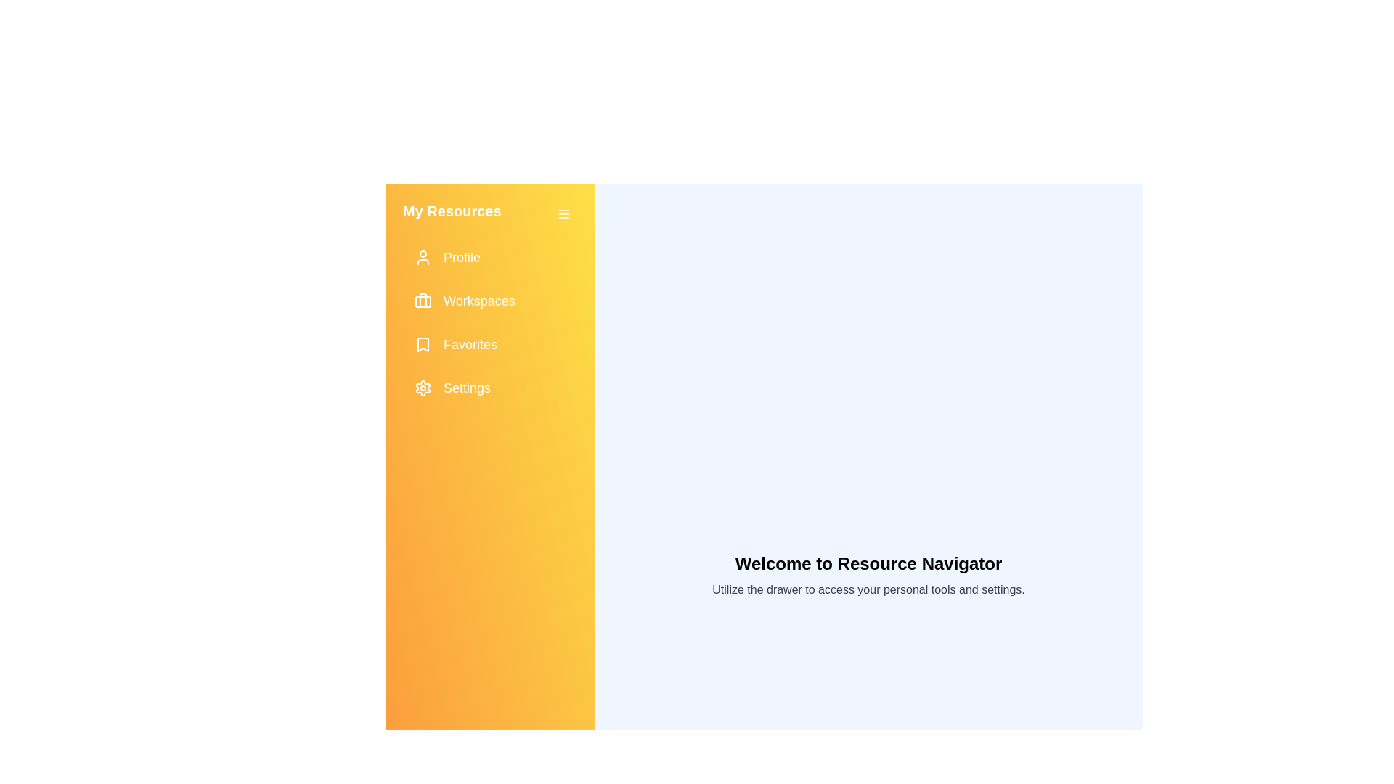 The width and height of the screenshot is (1394, 784). I want to click on the 'Favorites' button to navigate to the Favorites section, so click(490, 344).